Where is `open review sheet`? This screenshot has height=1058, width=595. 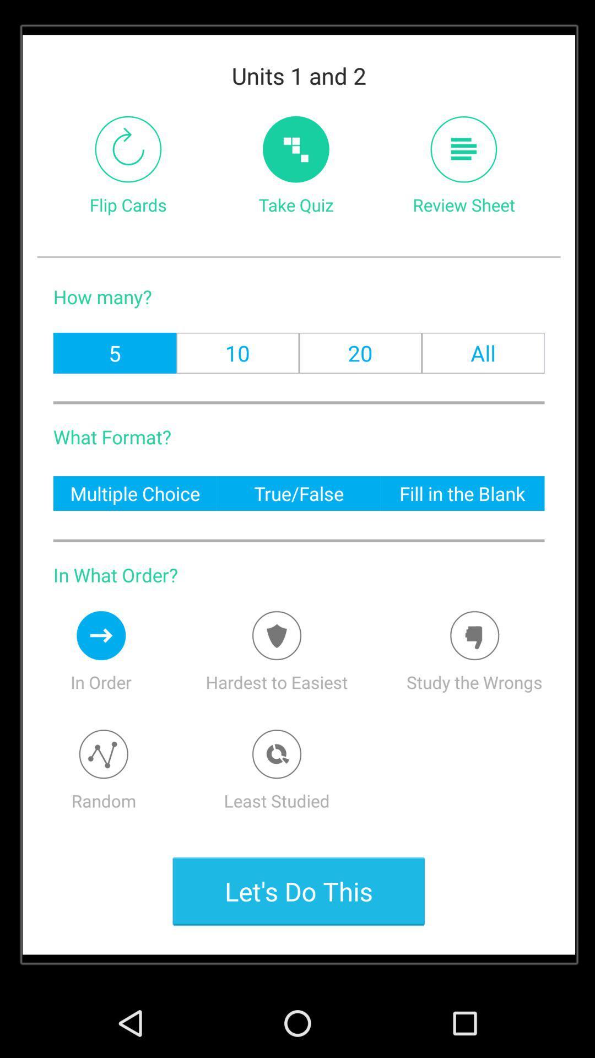
open review sheet is located at coordinates (463, 149).